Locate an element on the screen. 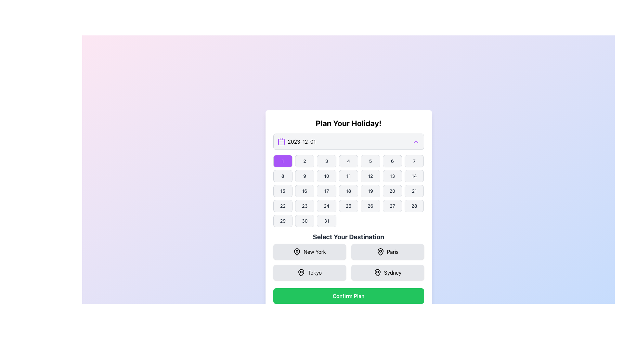  the 'Tokyo' destination icon, which is the visual indicator in the second row, first column of the destination selection buttons, located below the 'Select Your Destination' heading is located at coordinates (301, 272).